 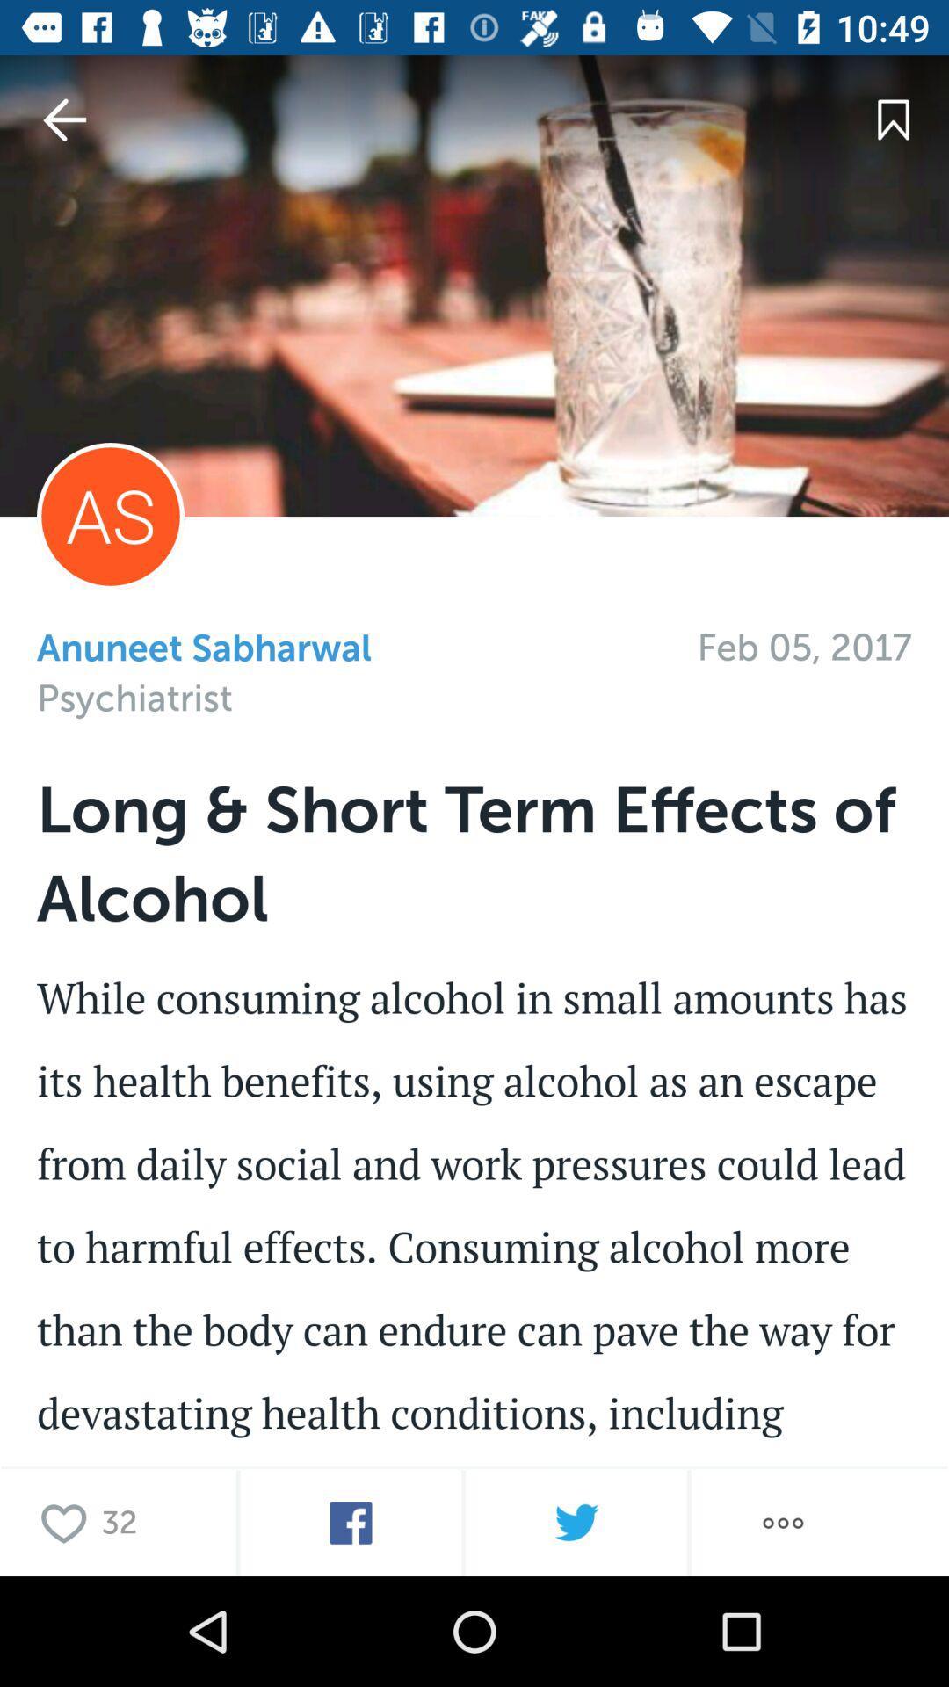 I want to click on more options, so click(x=782, y=1522).